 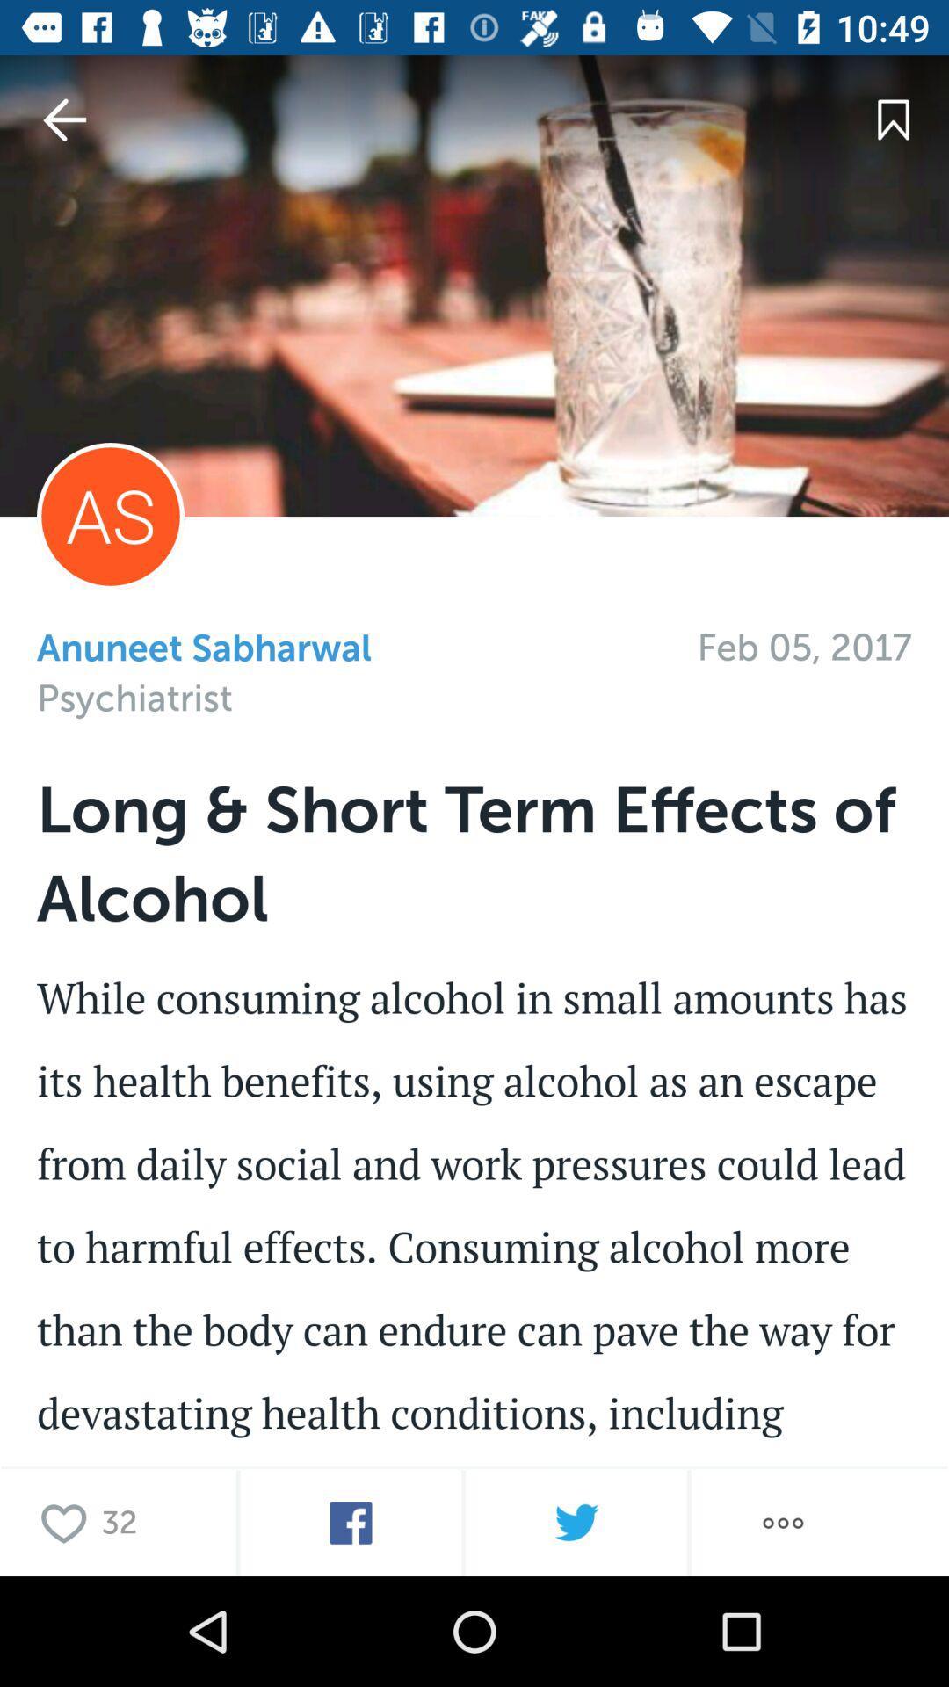 I want to click on more options, so click(x=782, y=1522).